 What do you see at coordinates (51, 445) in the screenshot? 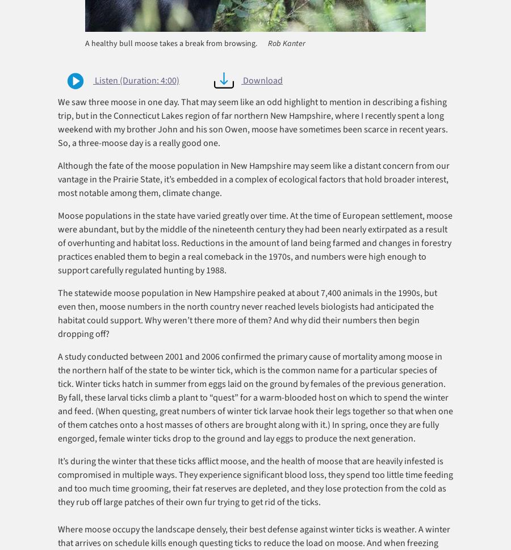
I see `'Research'` at bounding box center [51, 445].